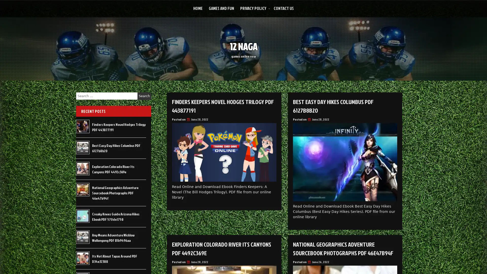 This screenshot has width=487, height=274. What do you see at coordinates (144, 96) in the screenshot?
I see `Search` at bounding box center [144, 96].